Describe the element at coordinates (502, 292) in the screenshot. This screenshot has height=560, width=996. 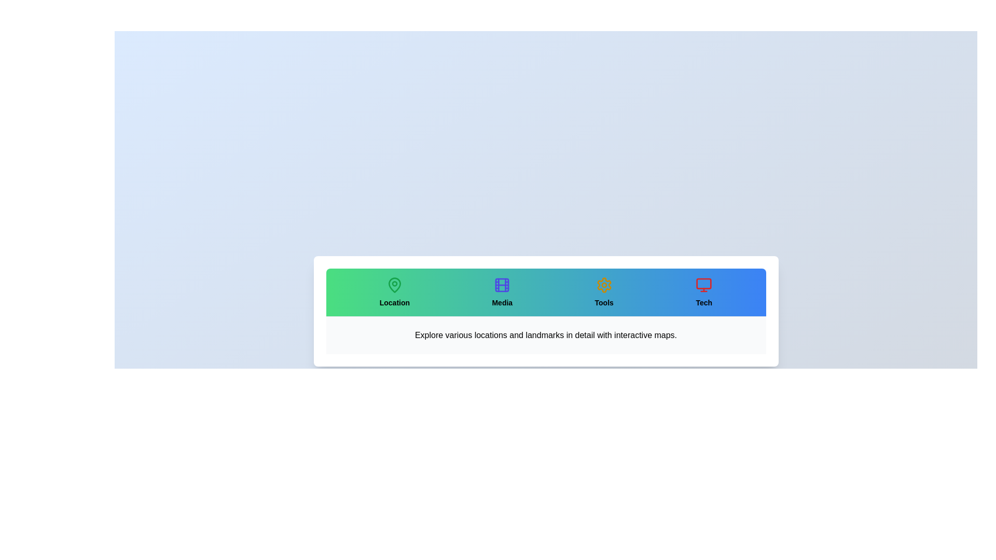
I see `the tab labeled Media to select it` at that location.